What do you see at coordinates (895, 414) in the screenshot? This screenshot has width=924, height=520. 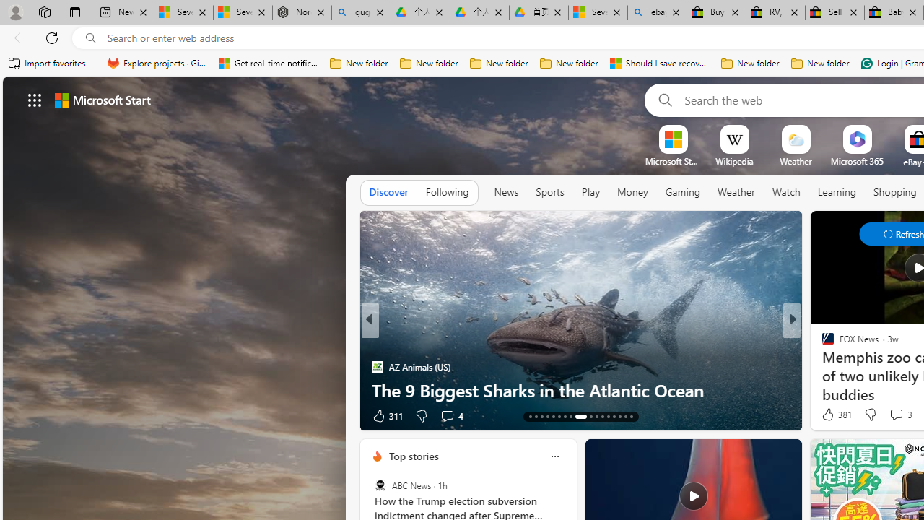 I see `'View comments 3 Comment'` at bounding box center [895, 414].